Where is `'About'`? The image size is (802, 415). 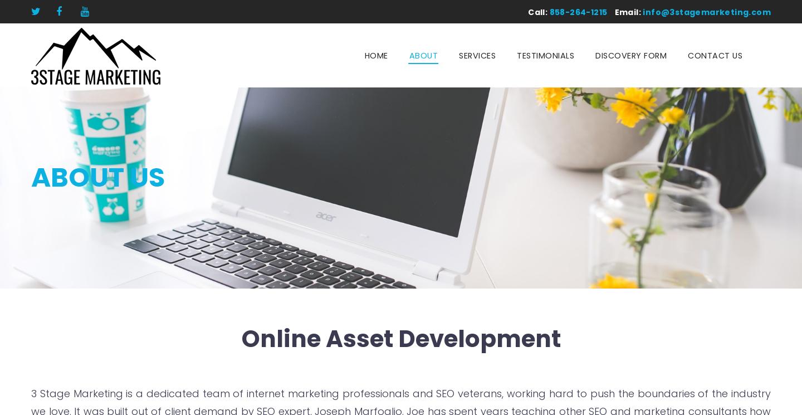
'About' is located at coordinates (423, 55).